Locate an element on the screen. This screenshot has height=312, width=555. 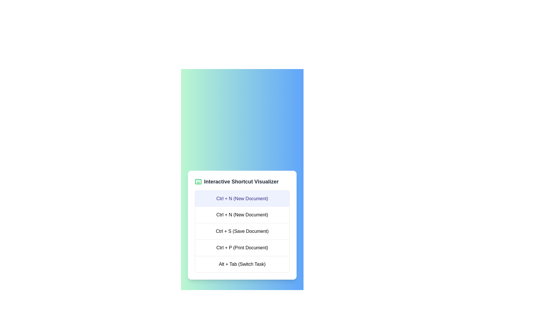
the third entry in the list that displays the shortcut 'Ctrl + S' and its description 'Save Document' in the Interactive Shortcut Visualizer is located at coordinates (242, 225).